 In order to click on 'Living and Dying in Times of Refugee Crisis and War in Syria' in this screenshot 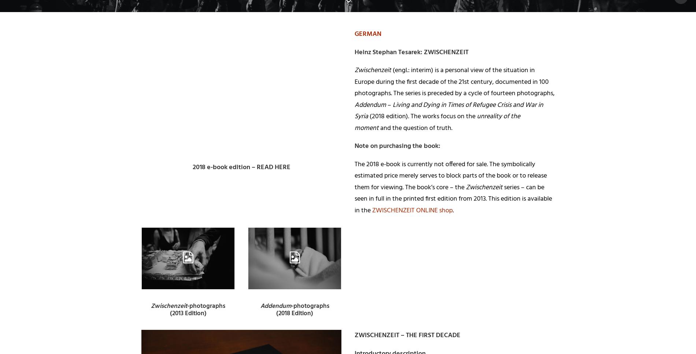, I will do `click(448, 111)`.